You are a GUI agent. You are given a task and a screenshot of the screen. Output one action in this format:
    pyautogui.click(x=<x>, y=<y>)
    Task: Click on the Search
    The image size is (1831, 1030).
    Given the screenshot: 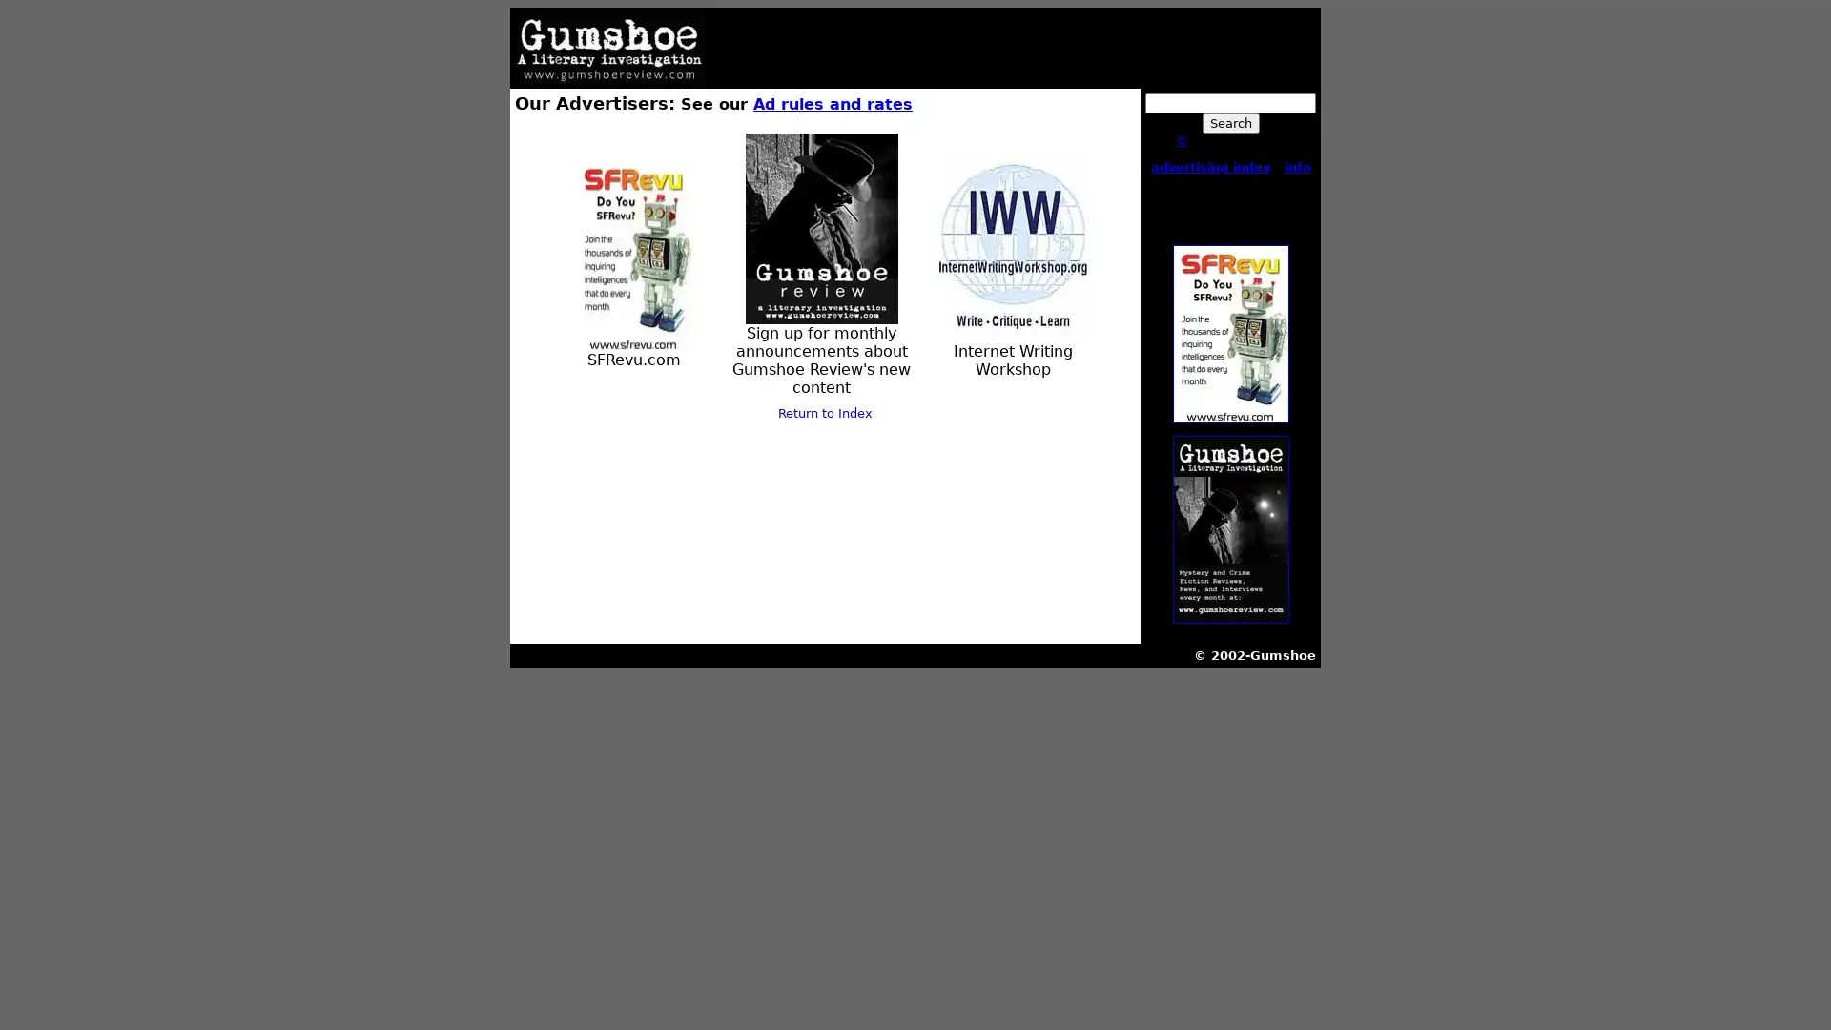 What is the action you would take?
    pyautogui.click(x=1230, y=122)
    